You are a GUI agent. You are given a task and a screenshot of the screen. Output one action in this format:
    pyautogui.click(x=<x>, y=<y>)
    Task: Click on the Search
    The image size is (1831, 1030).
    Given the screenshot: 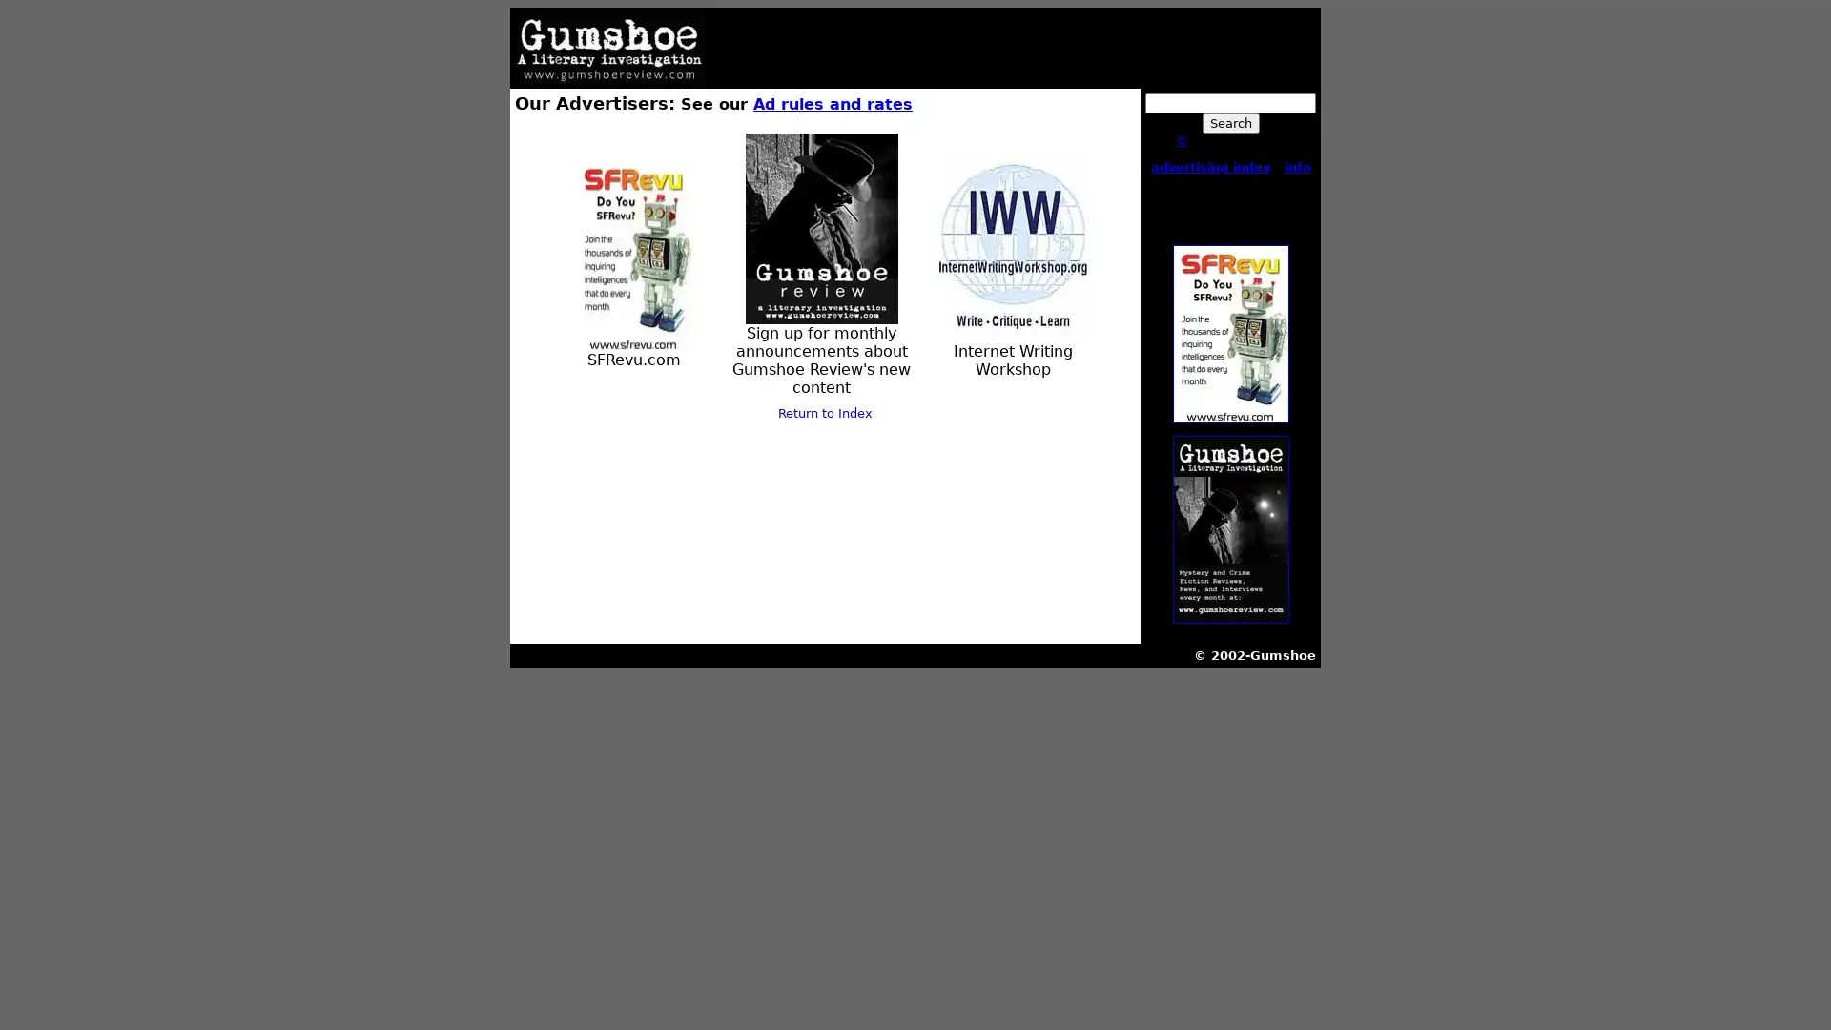 What is the action you would take?
    pyautogui.click(x=1230, y=122)
    